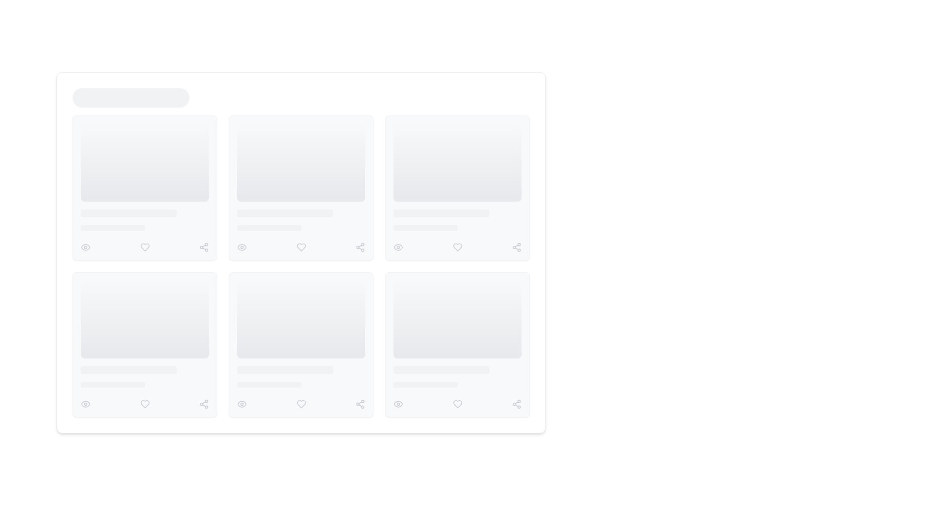 The image size is (935, 526). I want to click on the 'share' icon button represented by three interconnected circles in gray, located in the toolbar section of a card, so click(516, 247).